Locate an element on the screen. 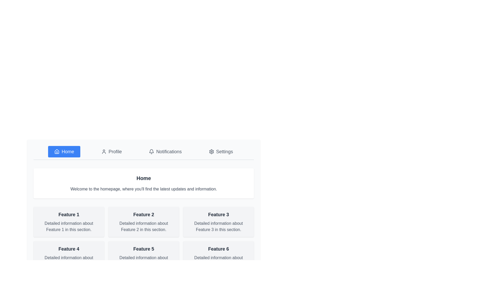 This screenshot has height=281, width=499. the compact bell-shaped icon located to the left of the 'Notifications' text in the navigation menu is located at coordinates (151, 151).